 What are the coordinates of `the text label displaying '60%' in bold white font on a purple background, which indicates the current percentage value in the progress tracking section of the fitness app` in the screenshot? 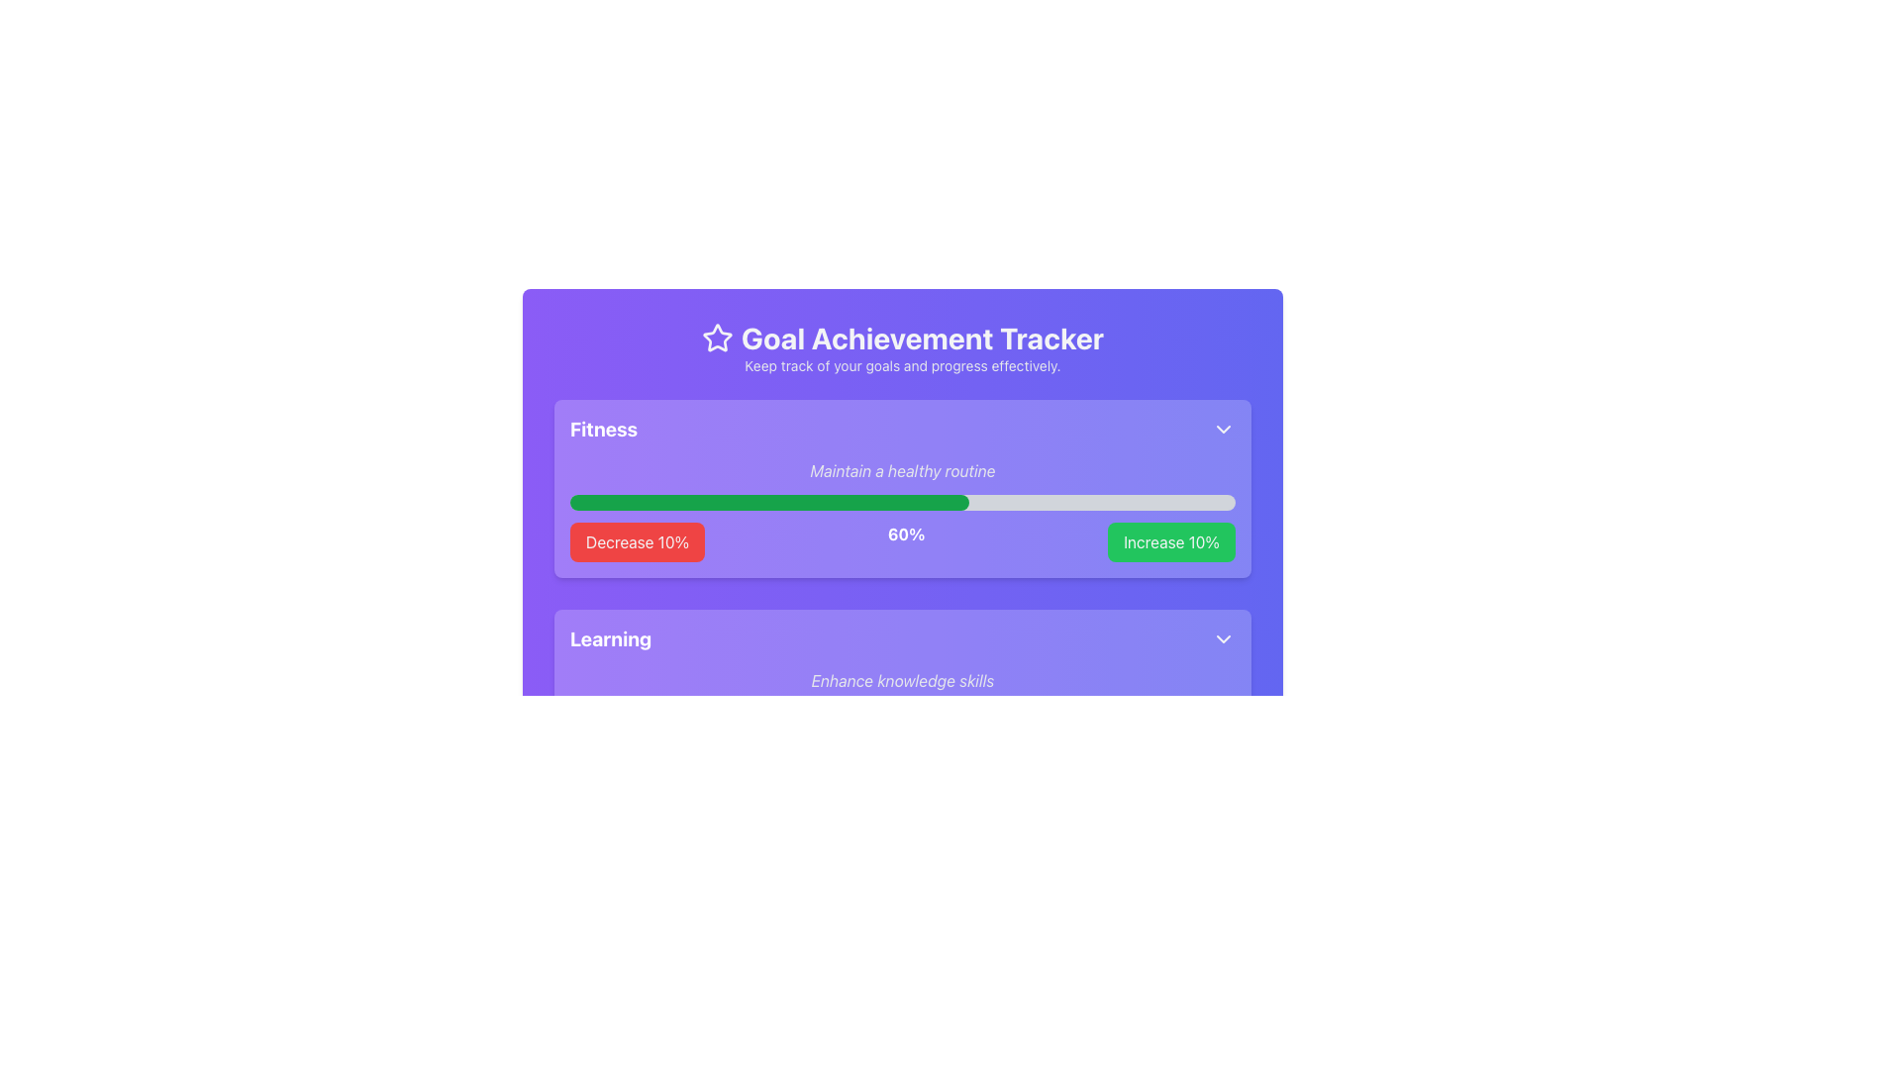 It's located at (905, 541).